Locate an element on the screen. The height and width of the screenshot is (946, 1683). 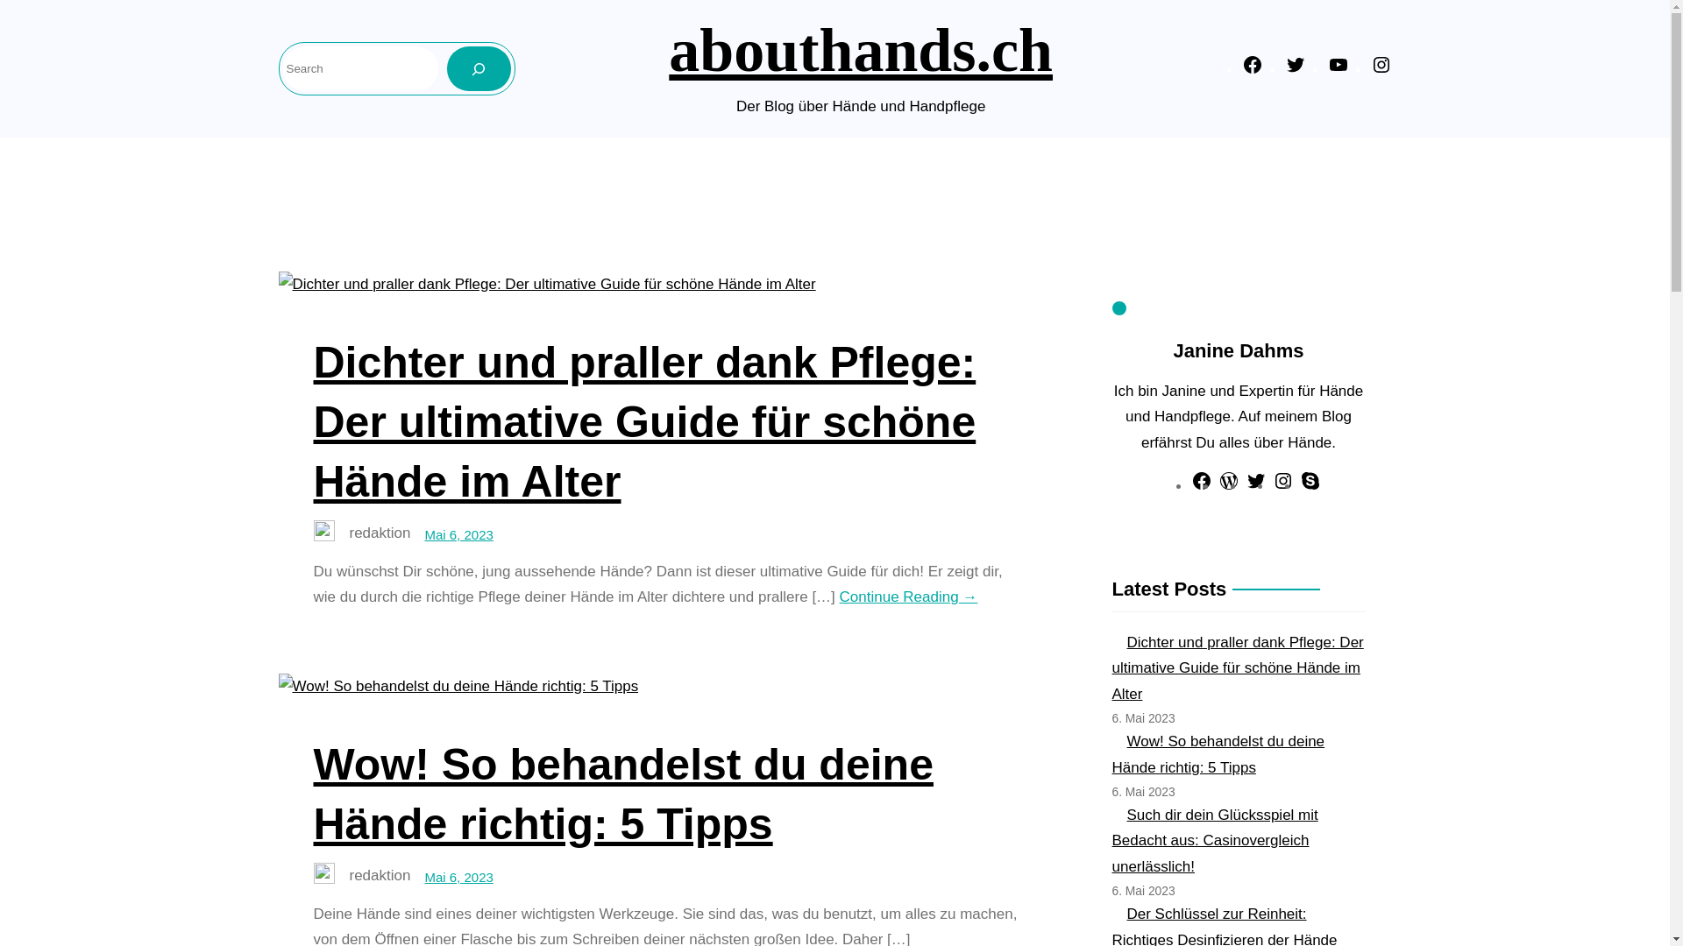
'Mai 6, 2023' is located at coordinates (458, 877).